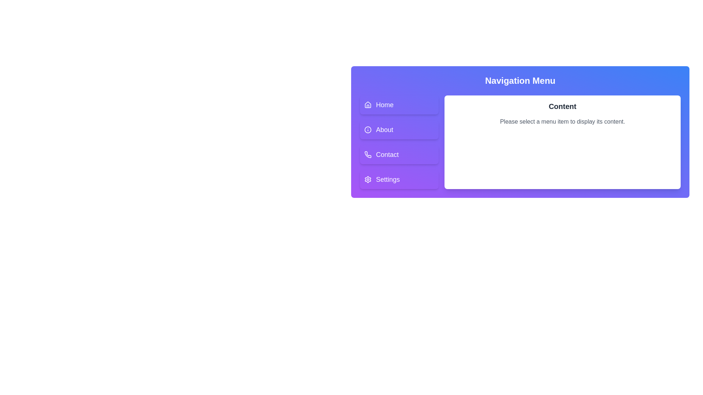 Image resolution: width=703 pixels, height=395 pixels. What do you see at coordinates (368, 104) in the screenshot?
I see `the house icon in the navigation menu, which features a minimalist design and is located adjacent to the 'Home' text` at bounding box center [368, 104].